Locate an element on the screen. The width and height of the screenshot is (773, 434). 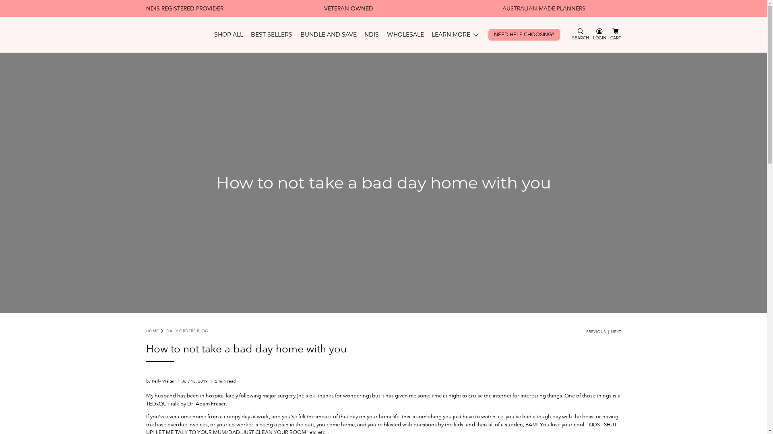
'DAILY ORDERS BLOG' is located at coordinates (187, 331).